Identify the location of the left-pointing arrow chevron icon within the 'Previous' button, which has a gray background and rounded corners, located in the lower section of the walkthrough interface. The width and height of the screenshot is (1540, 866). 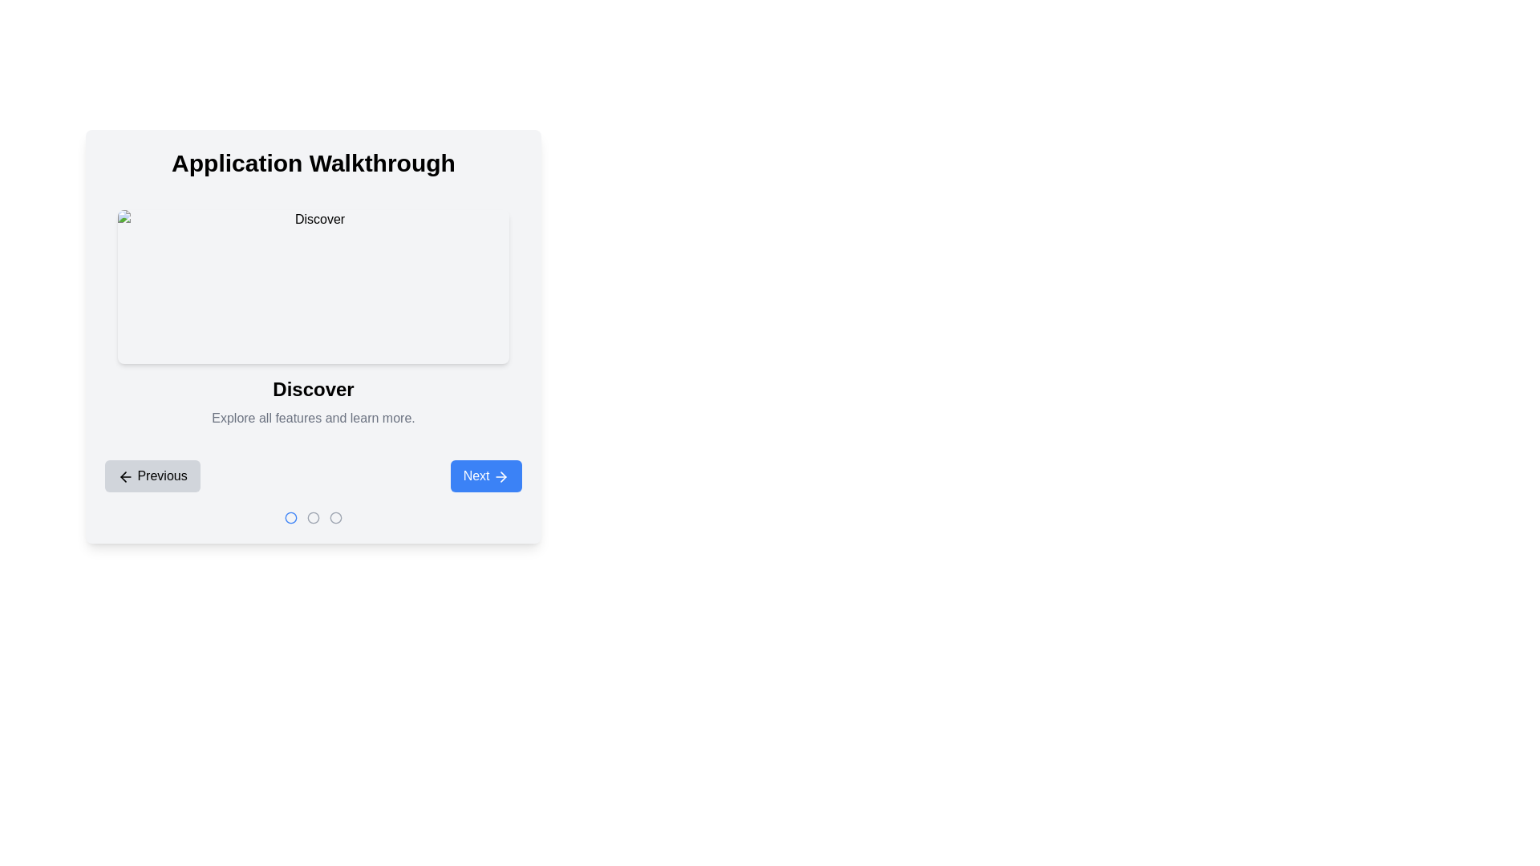
(123, 475).